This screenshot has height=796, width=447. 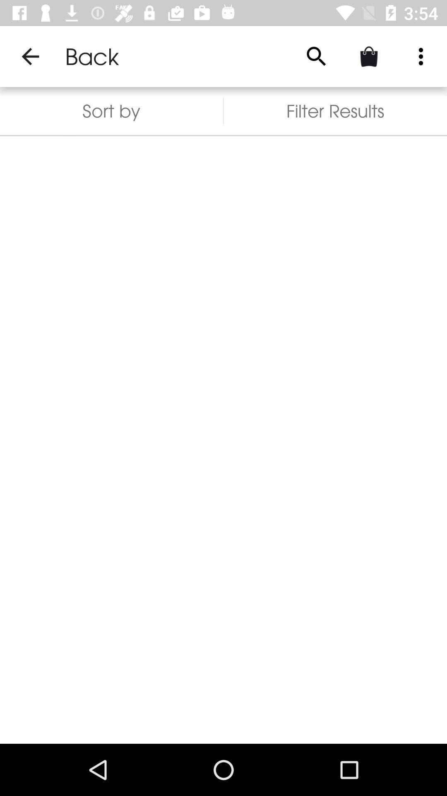 I want to click on sort by, so click(x=111, y=110).